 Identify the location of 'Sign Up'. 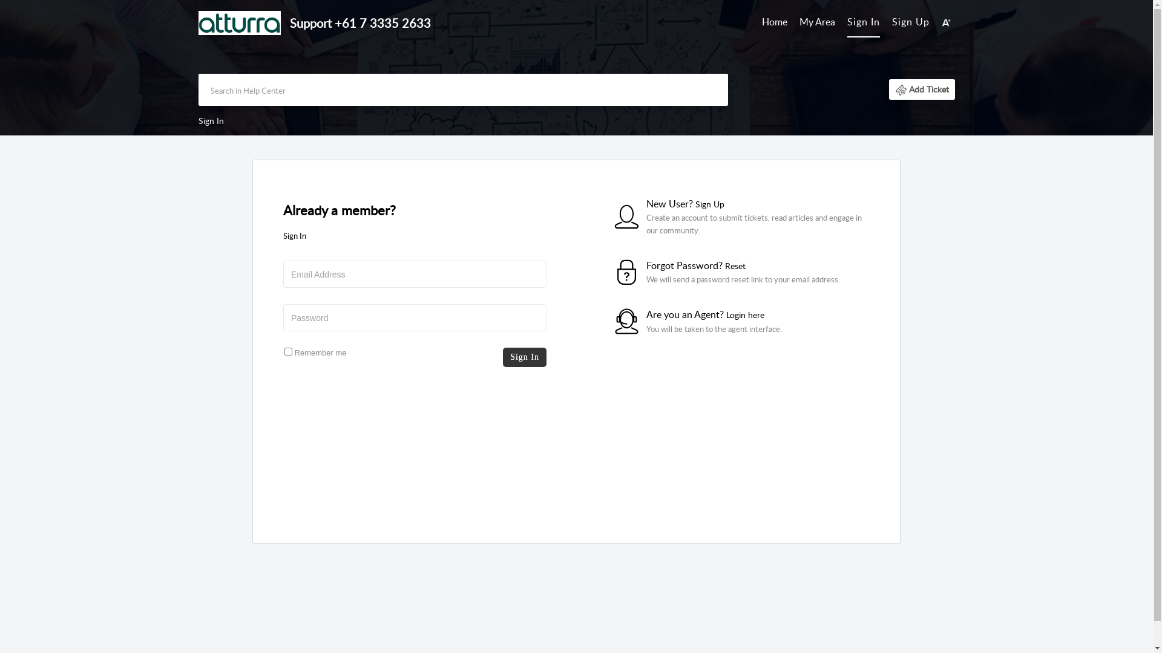
(709, 203).